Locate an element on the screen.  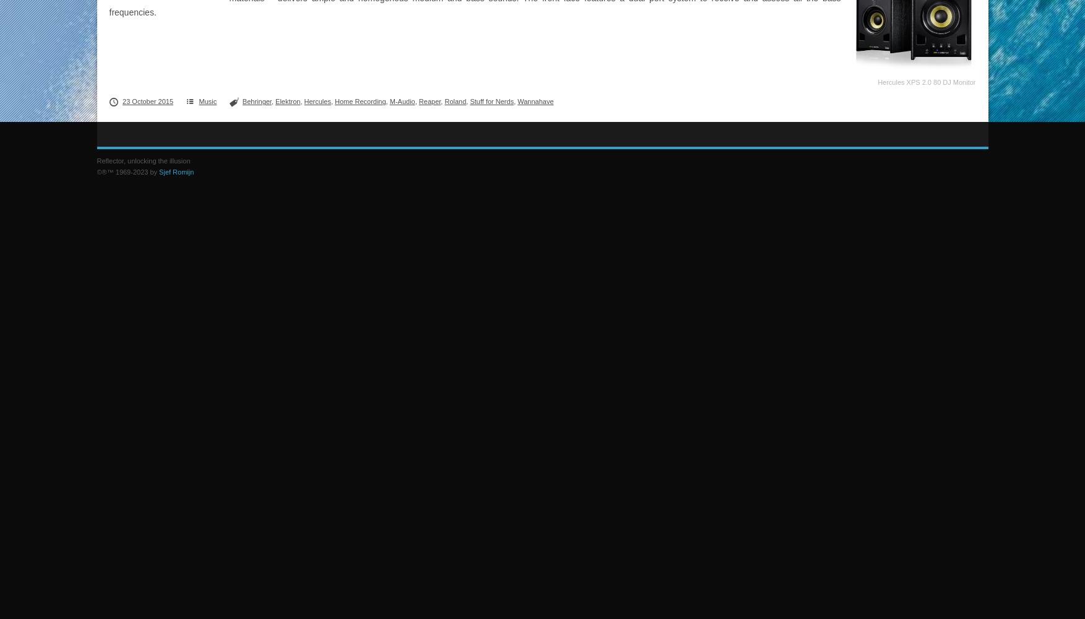
'©®™ 1969-2023 by' is located at coordinates (128, 171).